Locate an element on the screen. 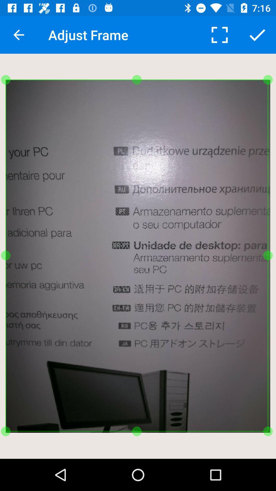 This screenshot has height=491, width=276. the icon to the left of adjust frame item is located at coordinates (18, 35).